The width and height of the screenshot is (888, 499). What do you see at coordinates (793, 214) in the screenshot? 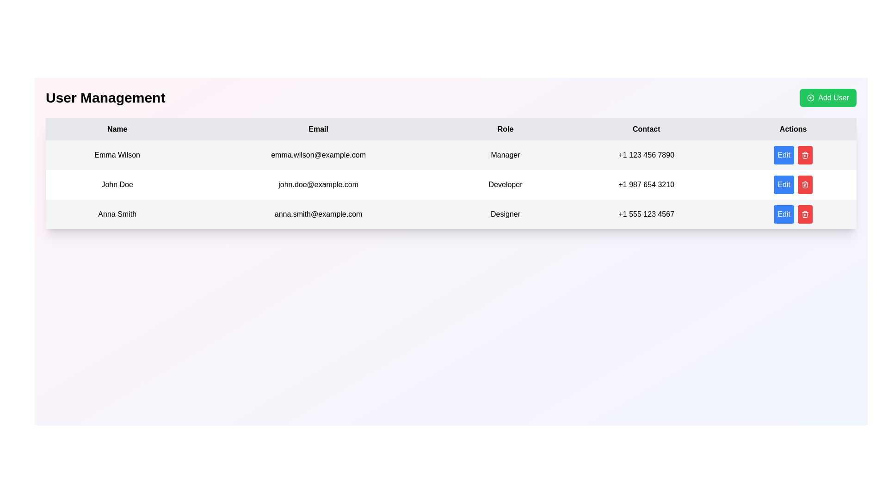
I see `the 'Edit' button with a blue background and white text located in the 'Actions' column for user 'Anna Smith' to observe the hover effect` at bounding box center [793, 214].